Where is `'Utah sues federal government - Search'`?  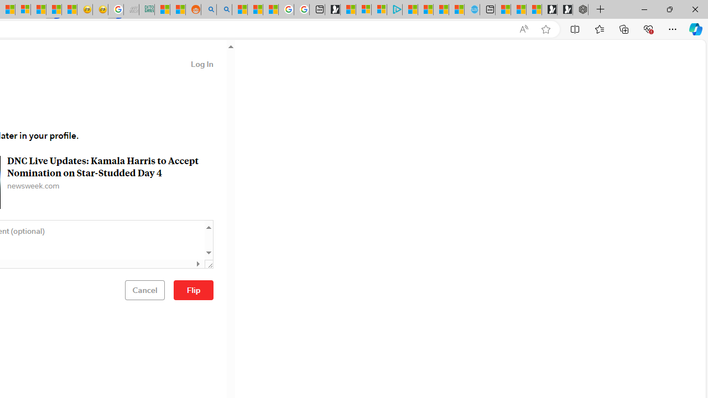 'Utah sues federal government - Search' is located at coordinates (223, 9).